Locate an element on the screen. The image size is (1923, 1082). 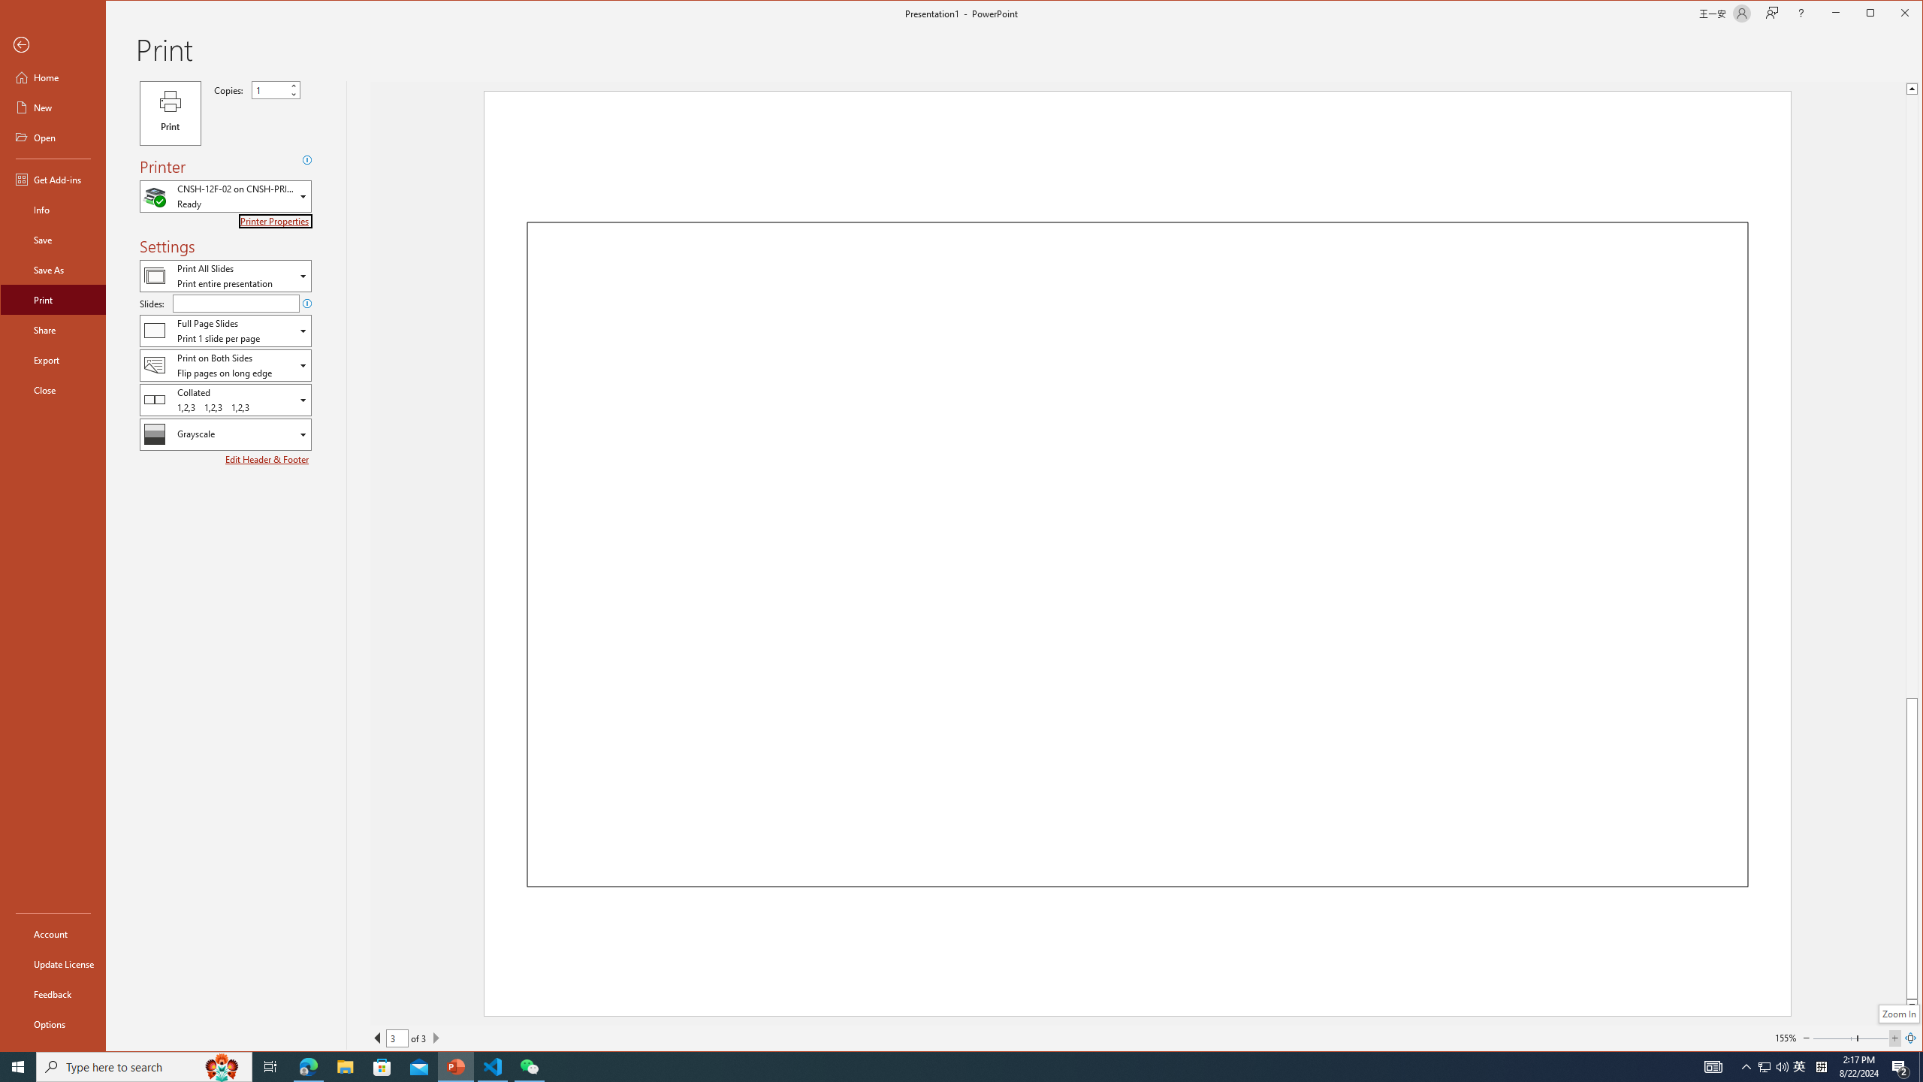
'Current Page' is located at coordinates (396, 1037).